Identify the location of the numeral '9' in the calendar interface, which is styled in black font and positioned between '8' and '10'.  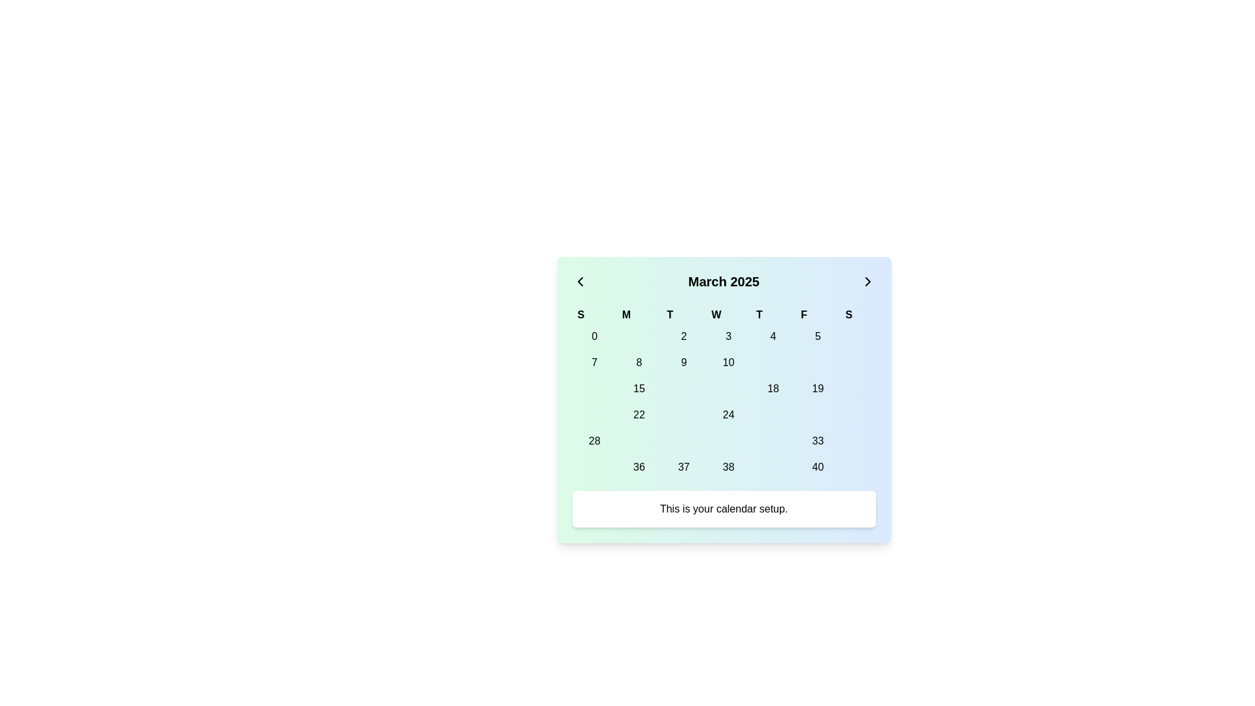
(683, 363).